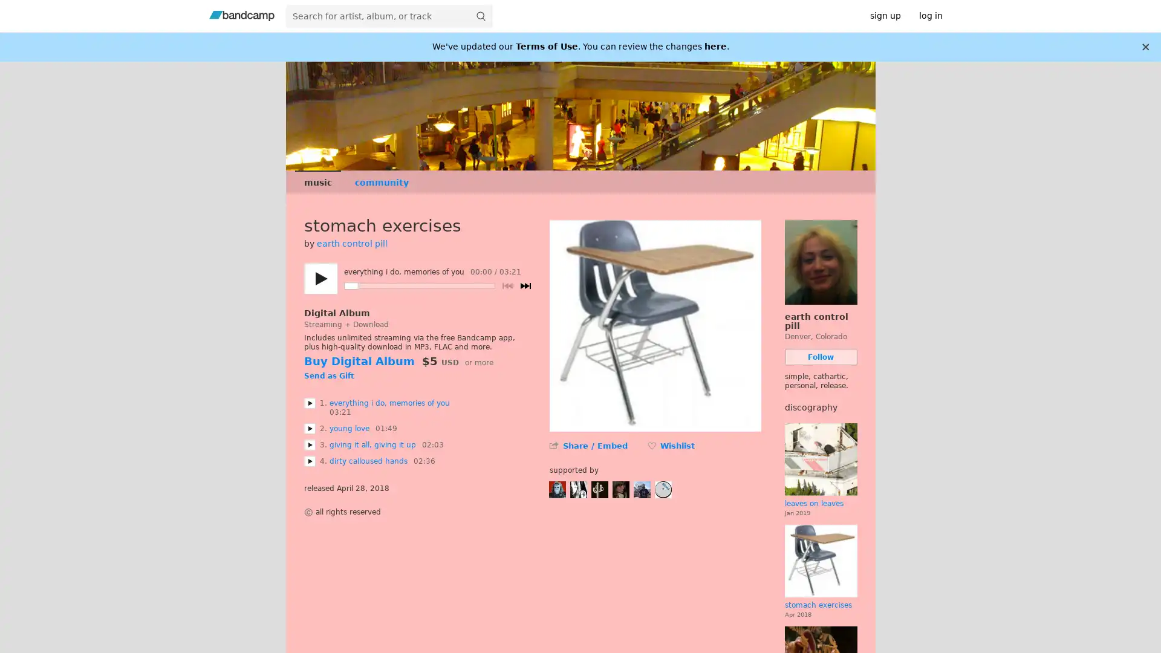 Image resolution: width=1161 pixels, height=653 pixels. Describe the element at coordinates (480, 16) in the screenshot. I see `submit for full search page` at that location.